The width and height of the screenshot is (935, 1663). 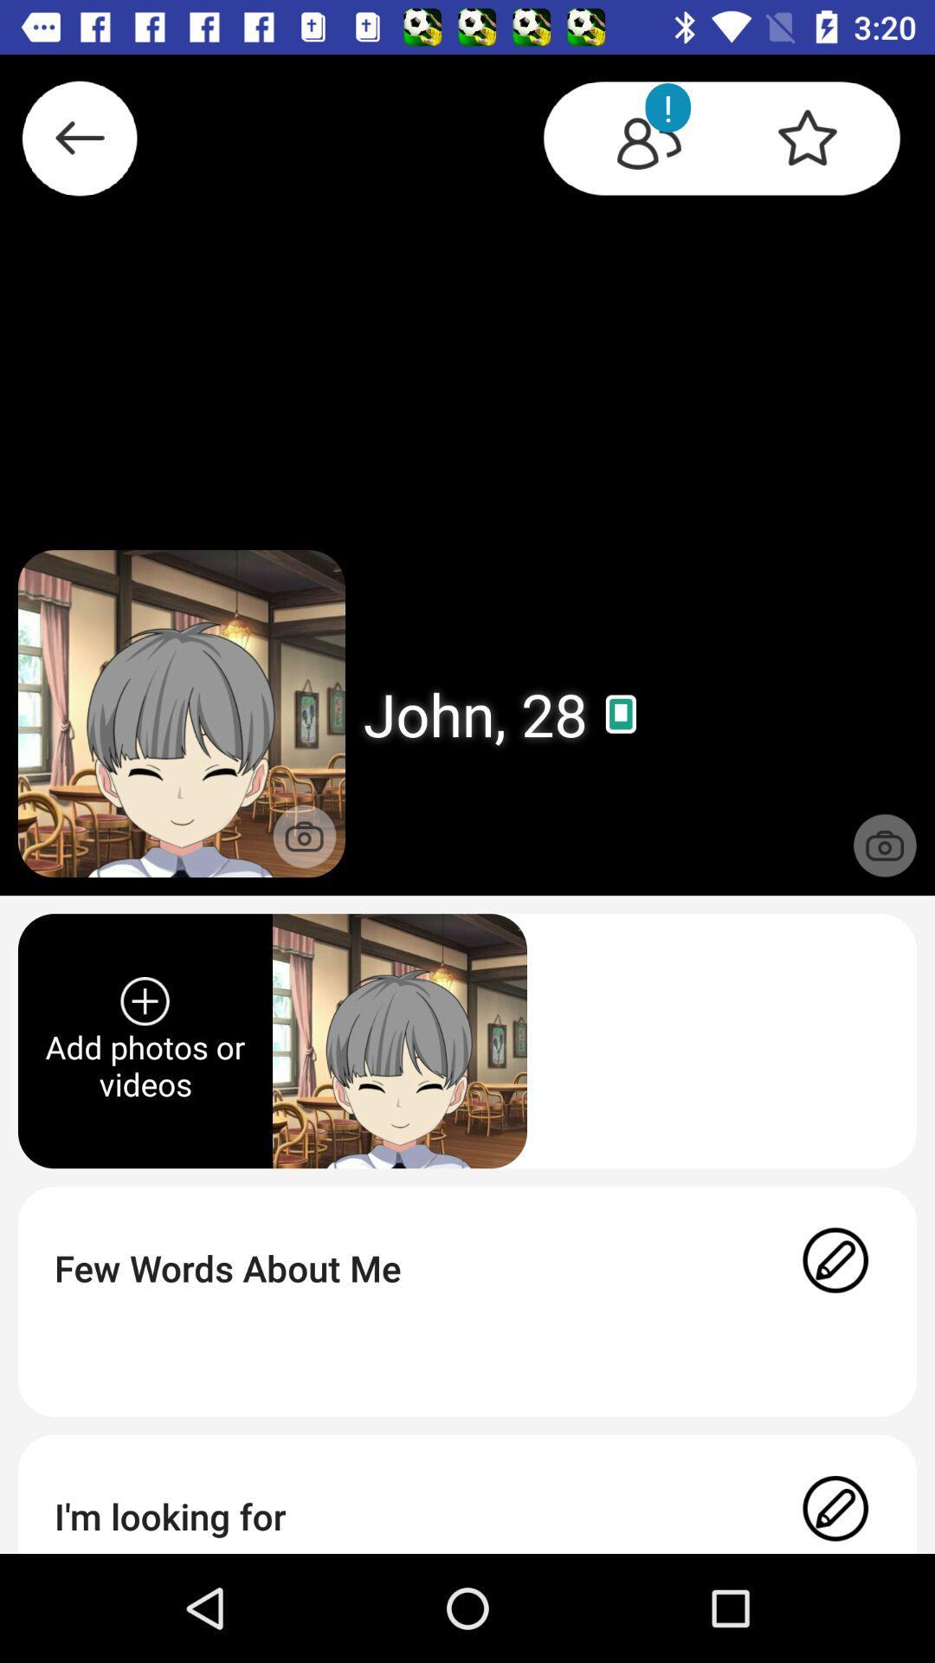 I want to click on the photo icon, so click(x=304, y=836).